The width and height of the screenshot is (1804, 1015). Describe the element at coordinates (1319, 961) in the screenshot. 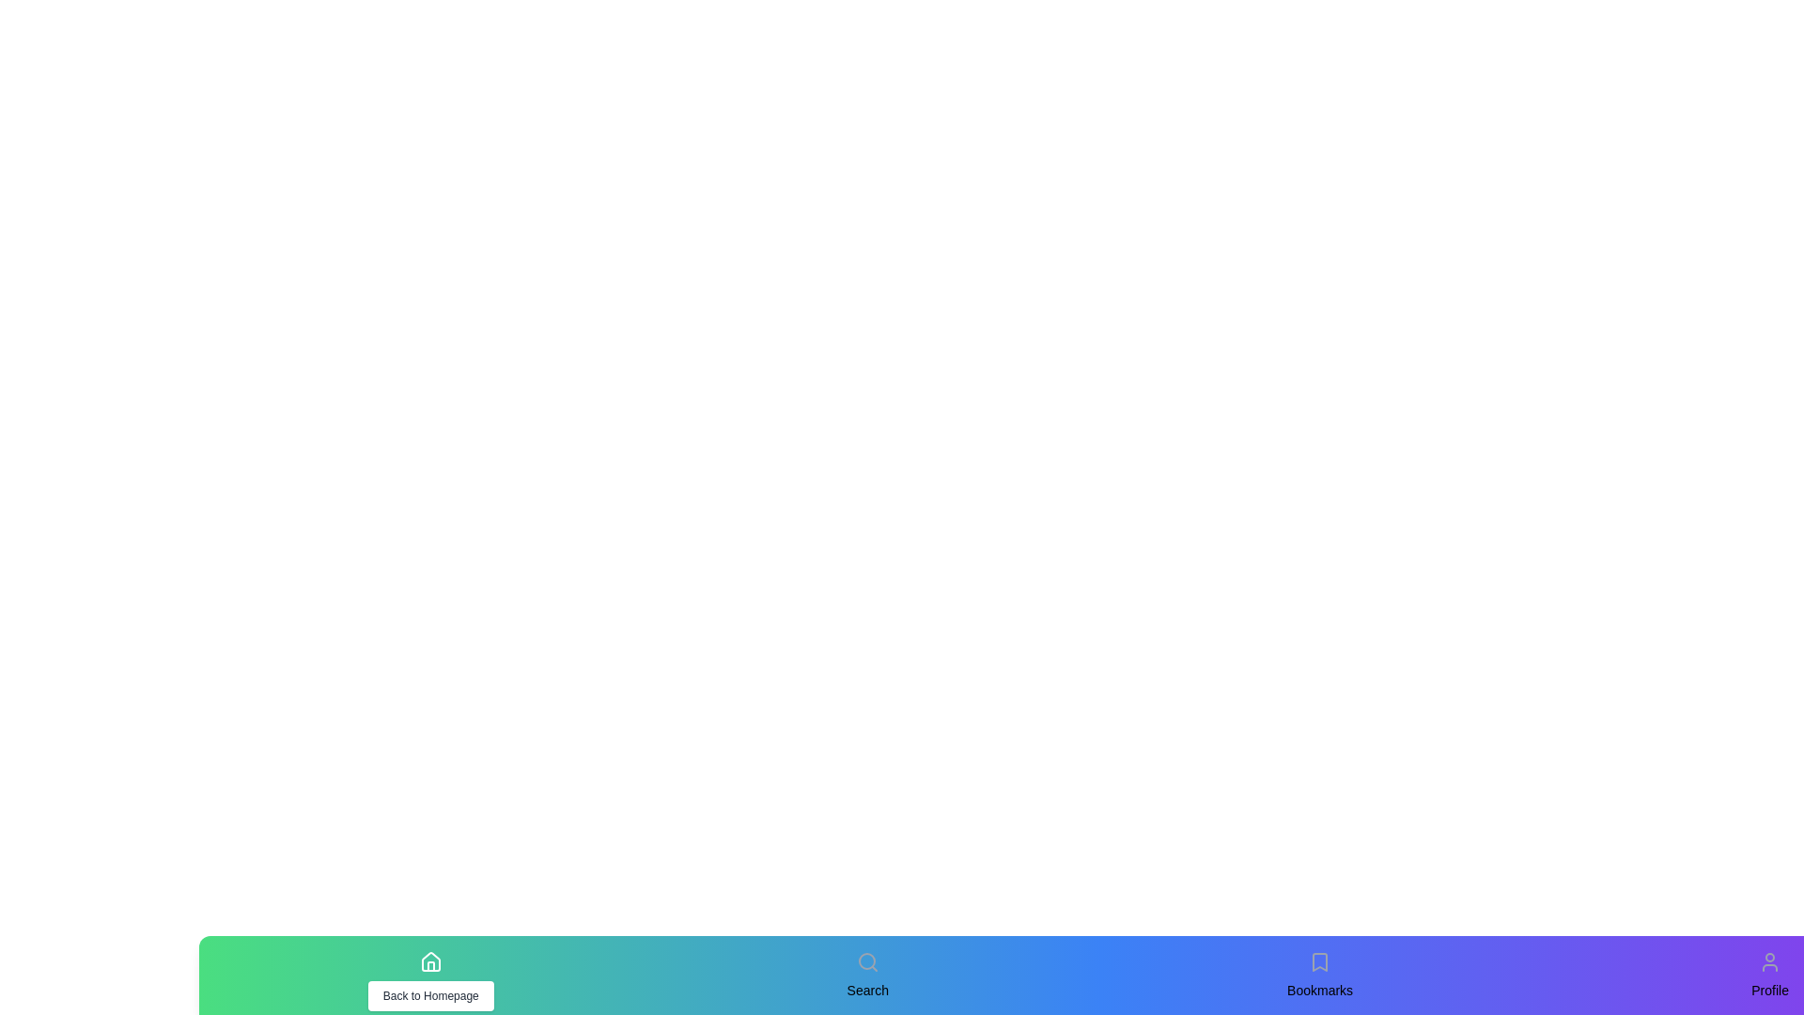

I see `the tab labeled Bookmarks to activate its functionality` at that location.